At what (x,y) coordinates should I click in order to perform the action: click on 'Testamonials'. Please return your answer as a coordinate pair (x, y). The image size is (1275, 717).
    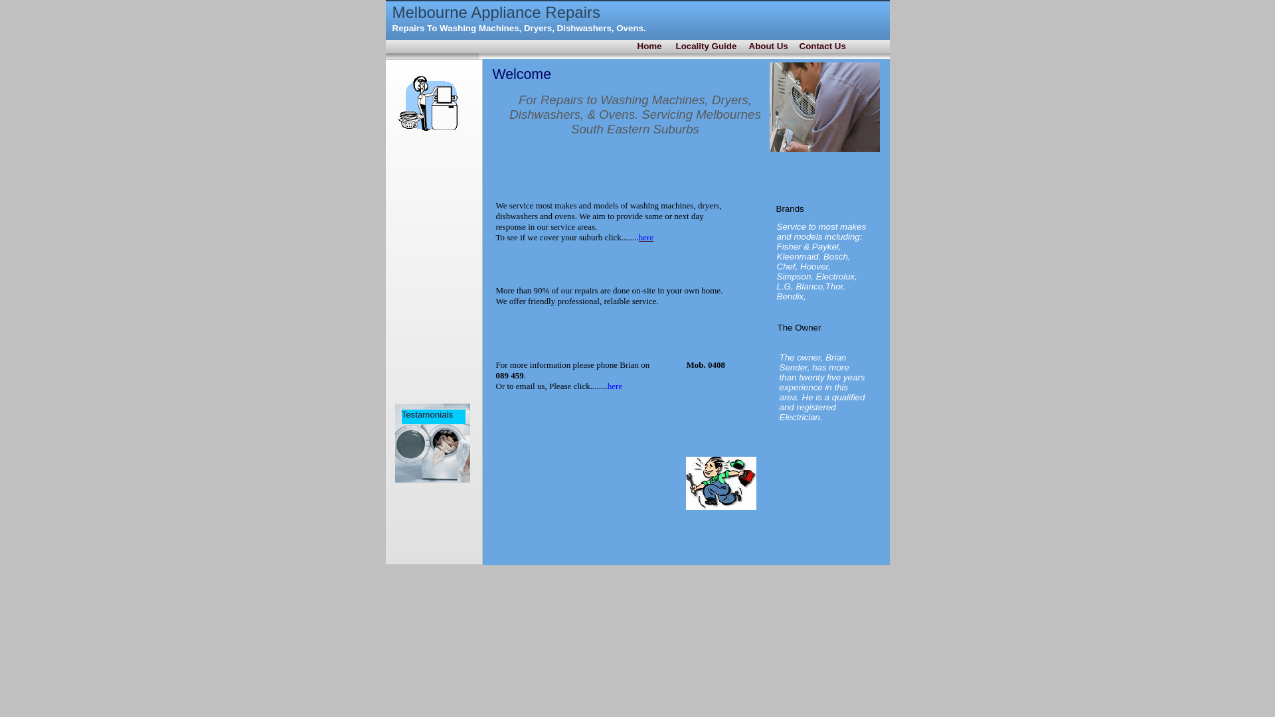
    Looking at the image, I should click on (427, 414).